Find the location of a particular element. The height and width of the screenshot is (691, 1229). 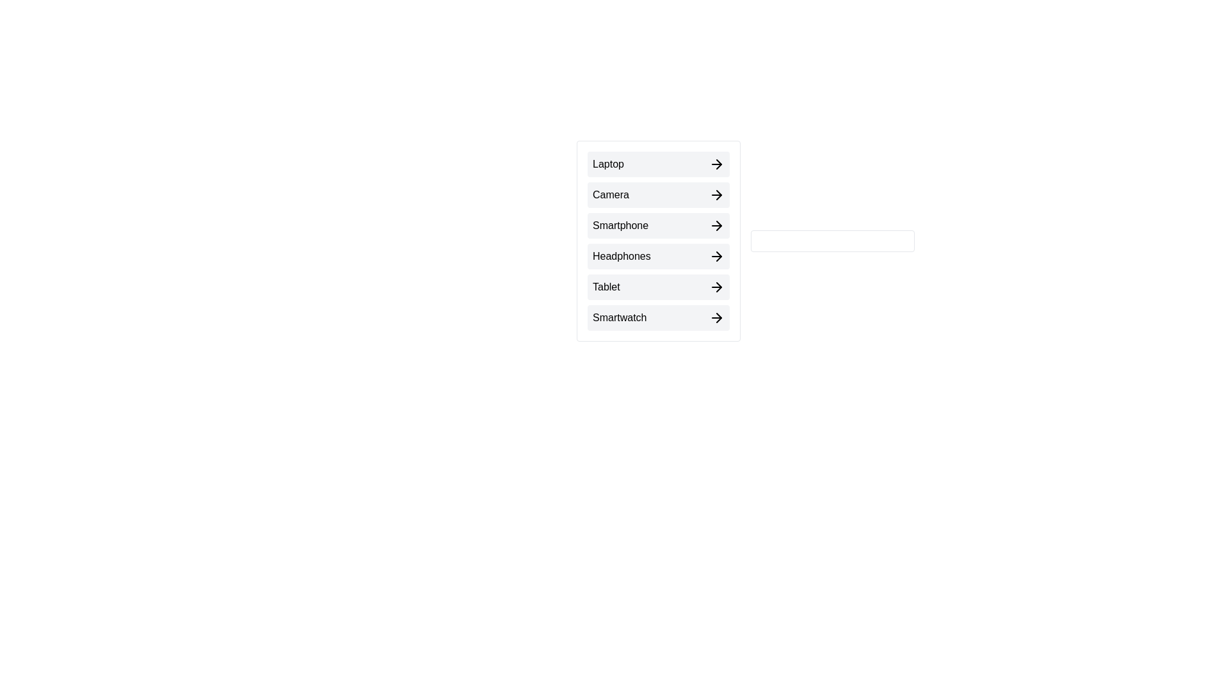

the item Smartphone to highlight it is located at coordinates (658, 225).